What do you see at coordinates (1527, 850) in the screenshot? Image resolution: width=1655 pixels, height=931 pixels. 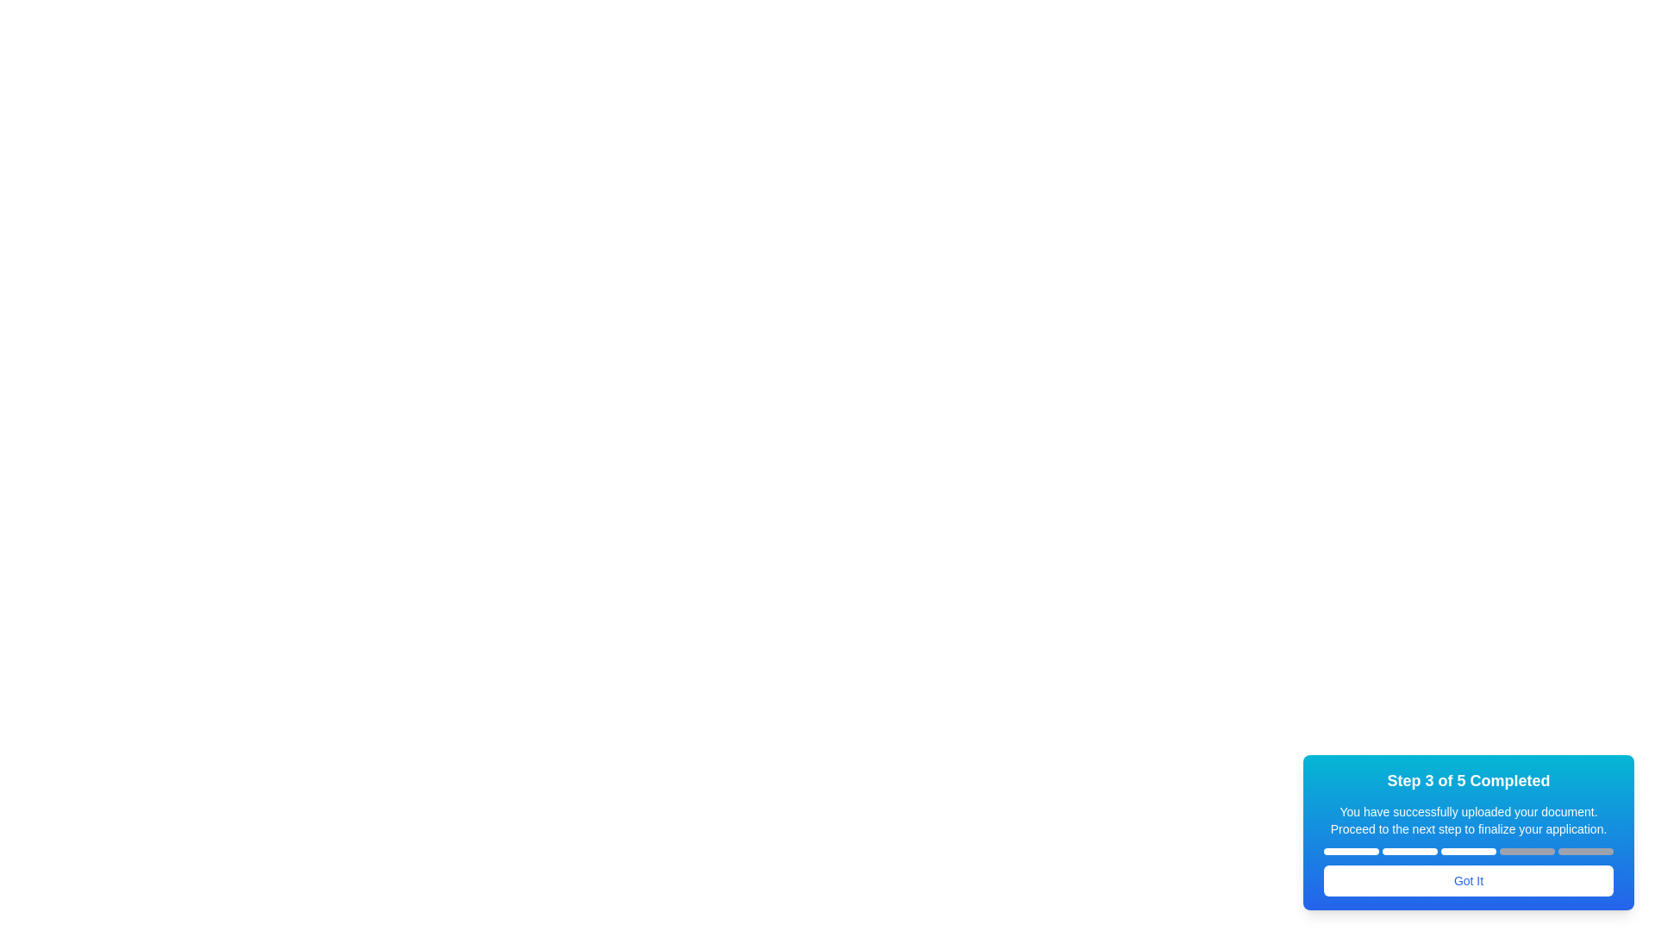 I see `the fourth segment of the static progress bar, which is a small, rounded gray rectangle indicating progress in a stepper control, located under 'Step 3 of 5 Completed'` at bounding box center [1527, 850].